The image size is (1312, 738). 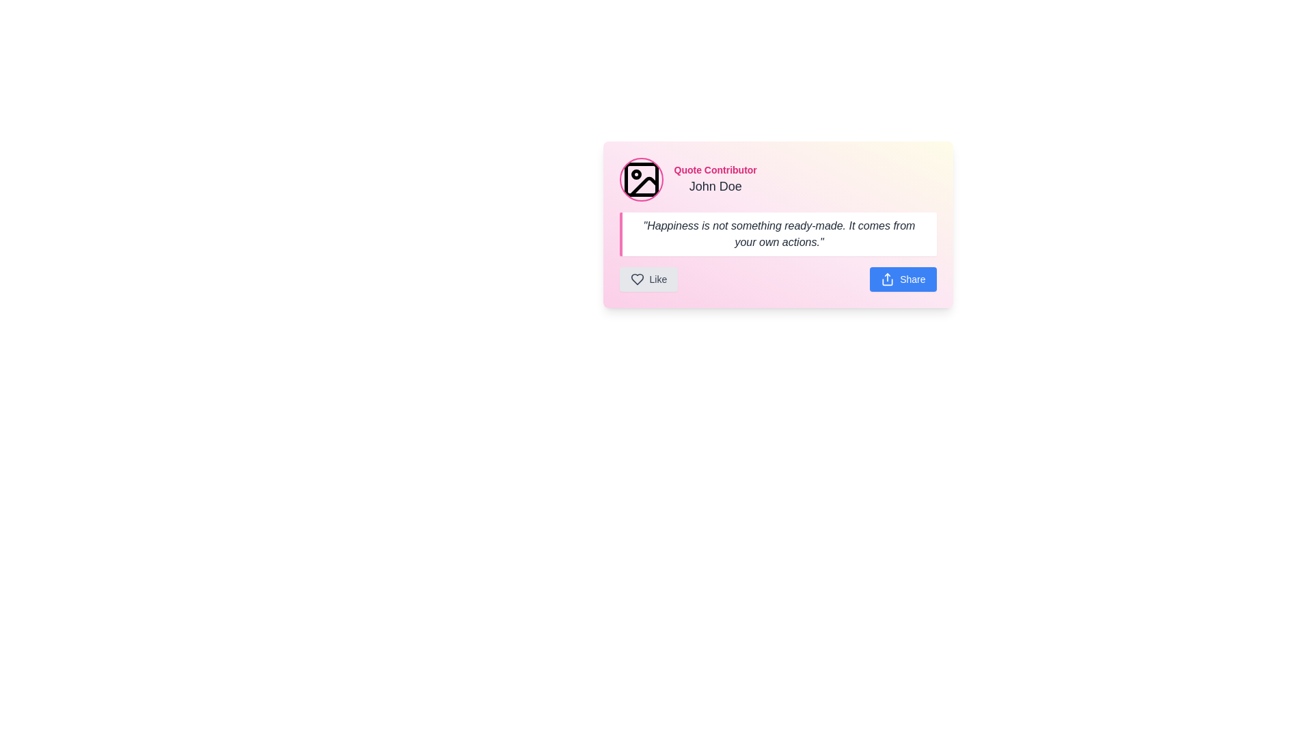 I want to click on the heart-shaped icon that is part of the 'Like' button, which is positioned on the left side of the button, so click(x=636, y=278).